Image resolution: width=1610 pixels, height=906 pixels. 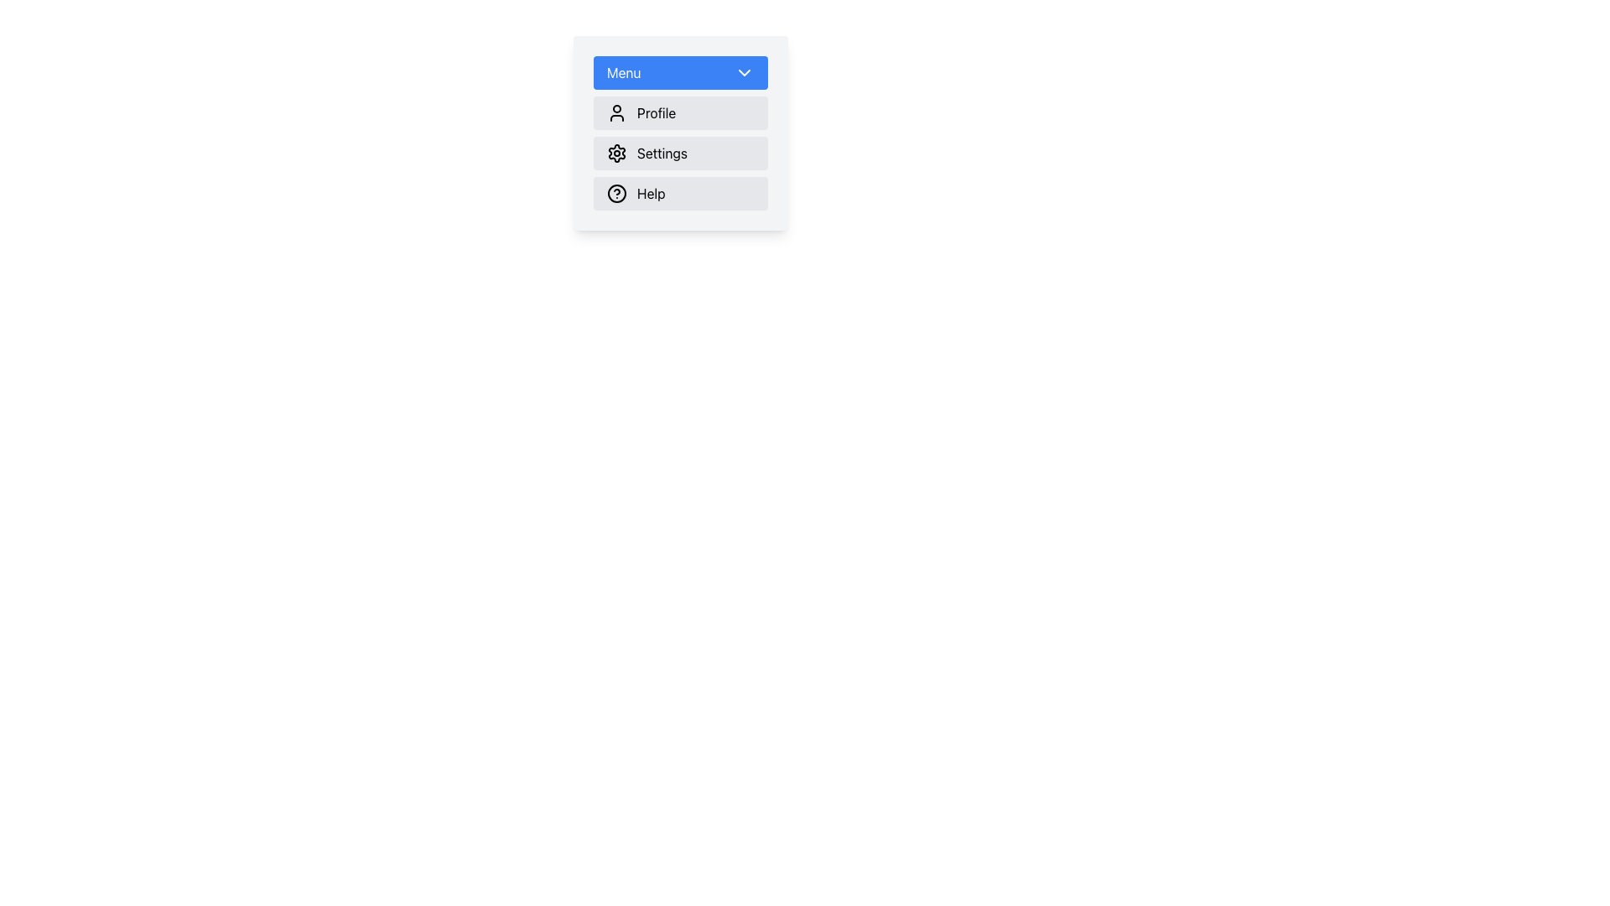 What do you see at coordinates (680, 153) in the screenshot?
I see `the settings navigation button, which is the second option in the vertical menu` at bounding box center [680, 153].